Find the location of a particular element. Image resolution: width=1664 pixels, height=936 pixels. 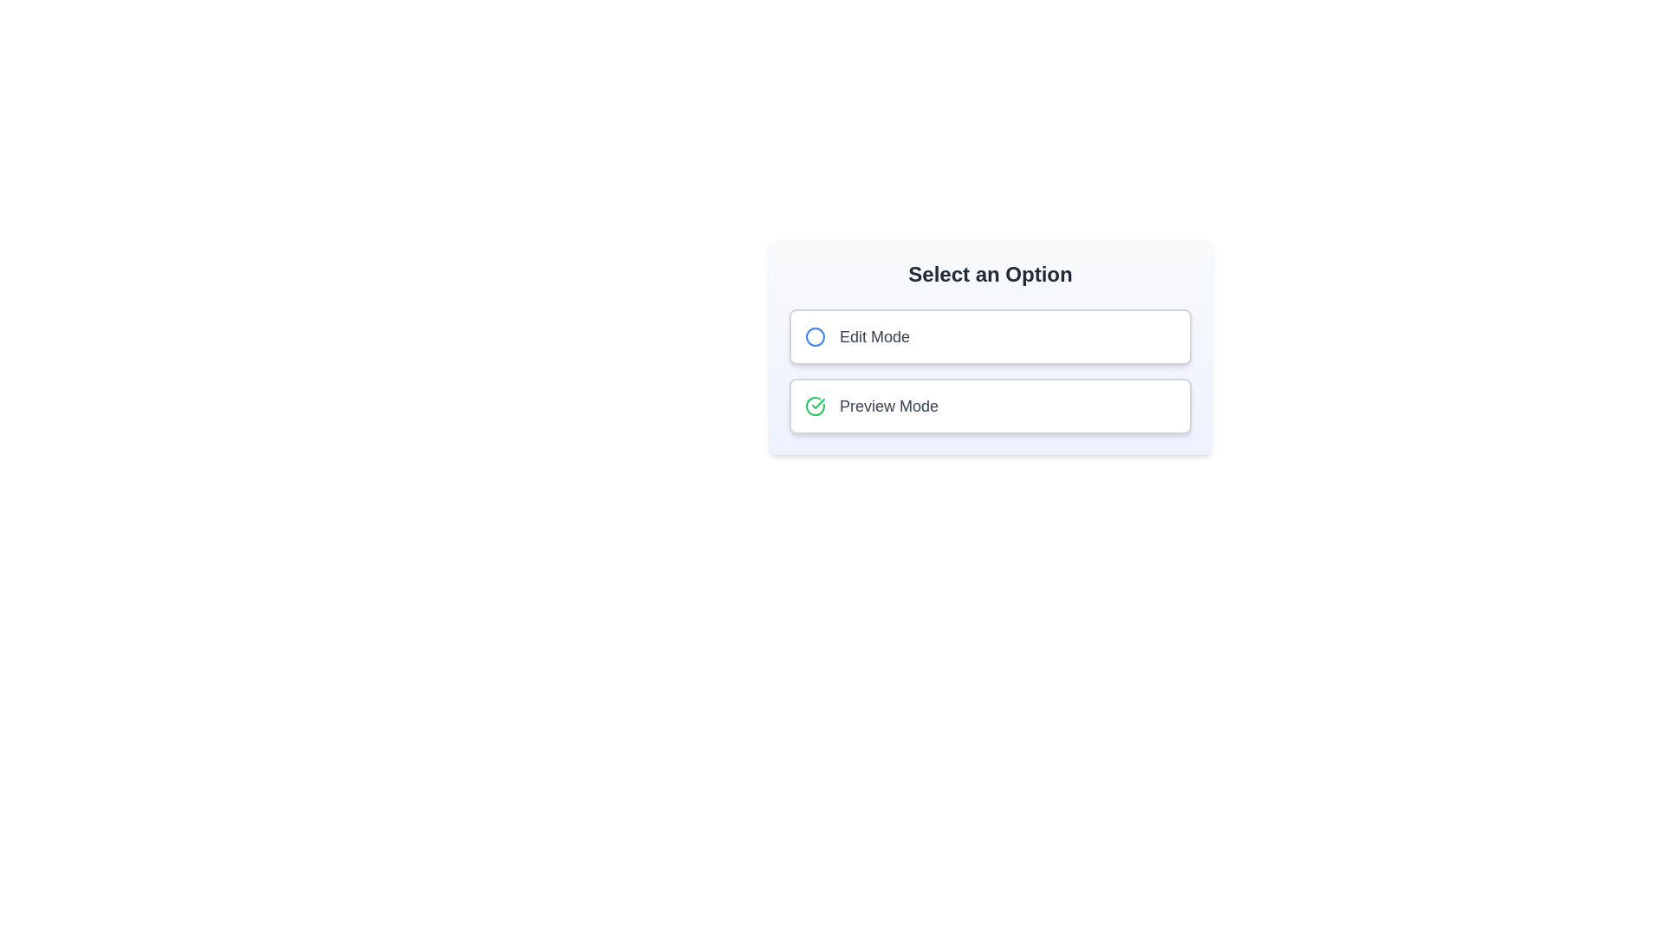

the SVG Circle with a blue border and no fill that represents a mode, located next to the 'Edit Mode' label is located at coordinates (814, 337).